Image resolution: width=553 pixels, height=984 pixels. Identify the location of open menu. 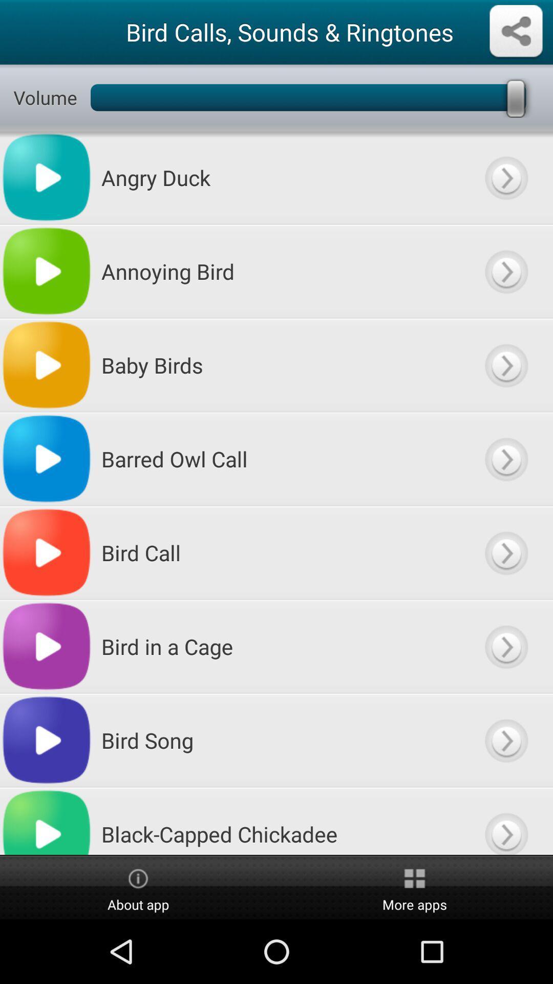
(505, 821).